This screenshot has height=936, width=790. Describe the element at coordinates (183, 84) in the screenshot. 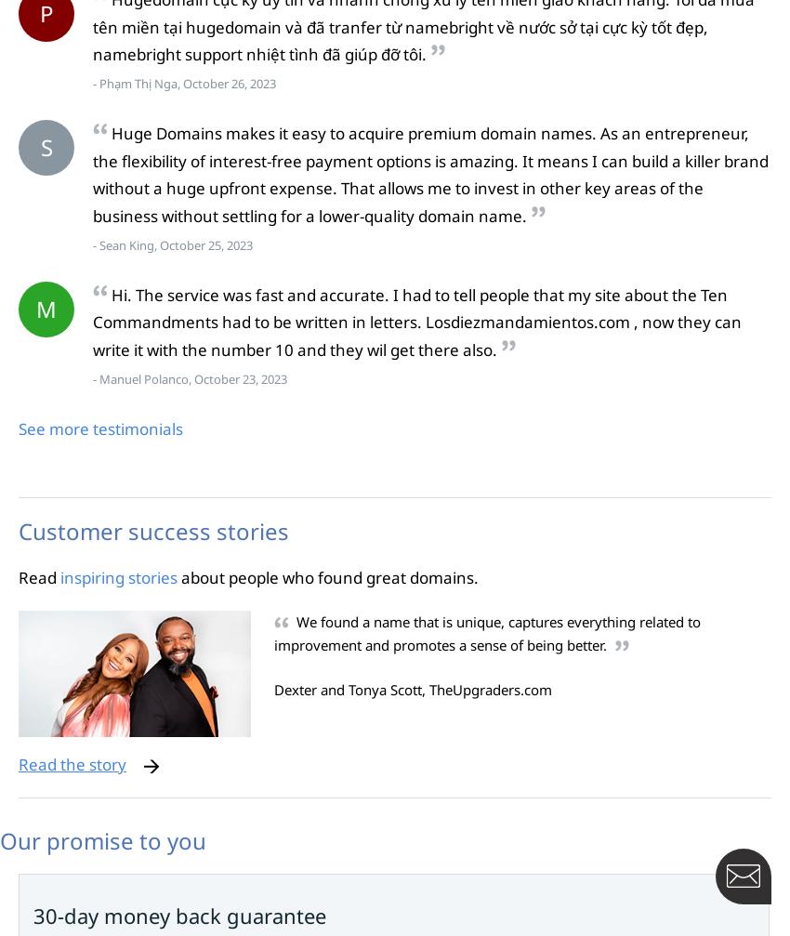

I see `'- Phạm Thị Nga, October 26, 2023'` at that location.